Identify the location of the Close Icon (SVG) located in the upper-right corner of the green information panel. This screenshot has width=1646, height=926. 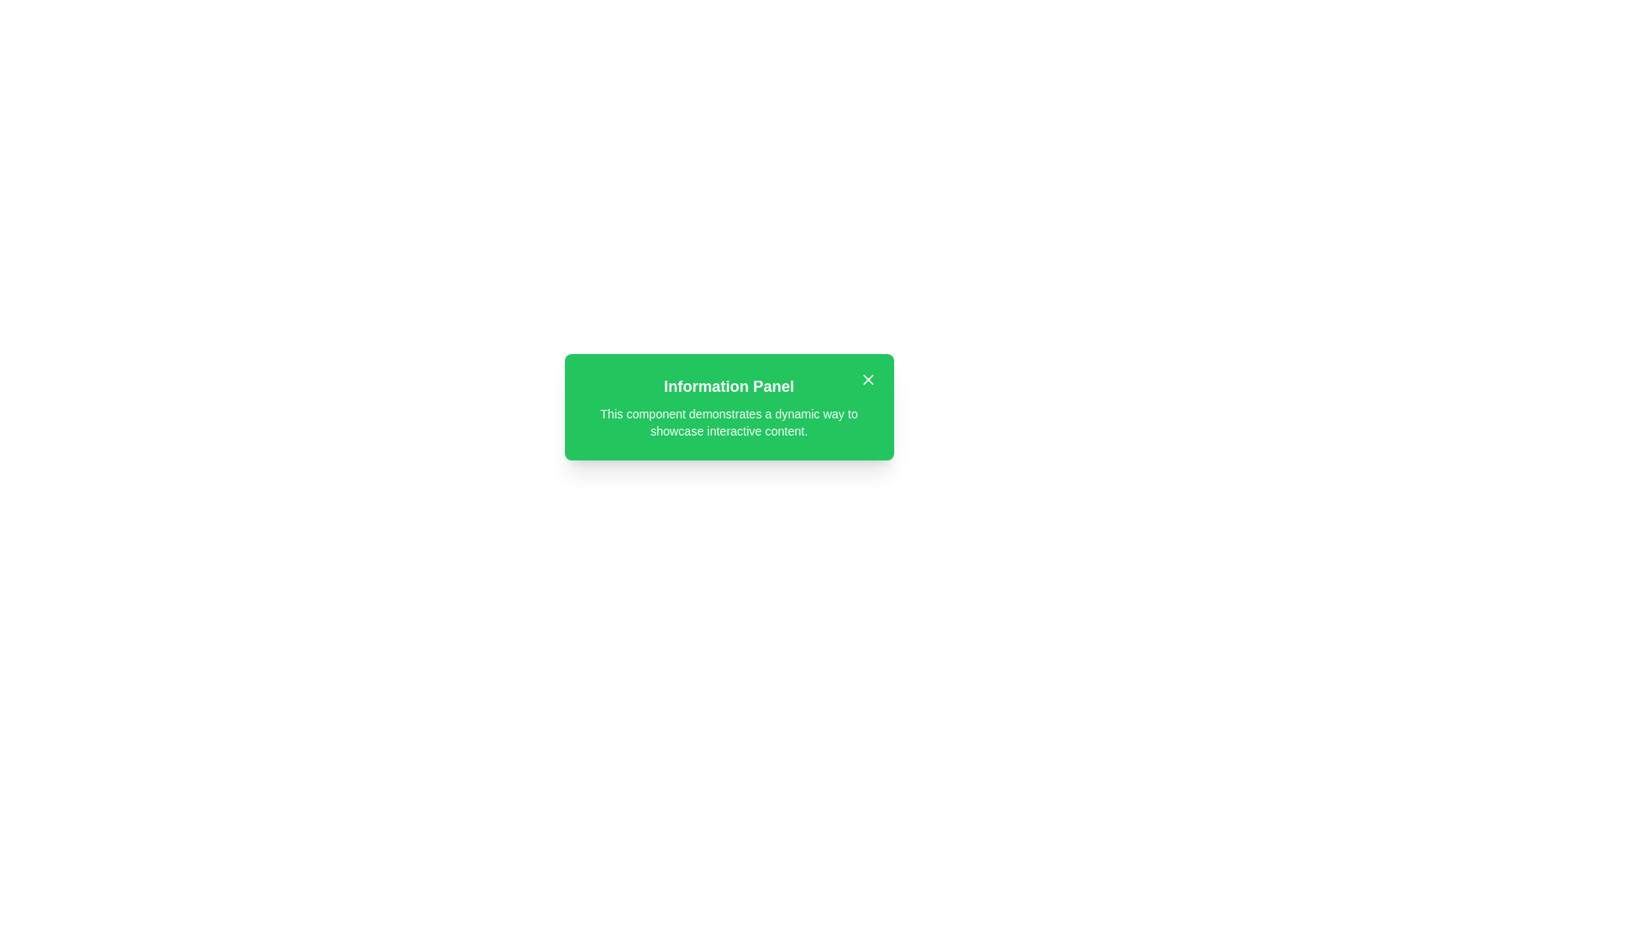
(868, 379).